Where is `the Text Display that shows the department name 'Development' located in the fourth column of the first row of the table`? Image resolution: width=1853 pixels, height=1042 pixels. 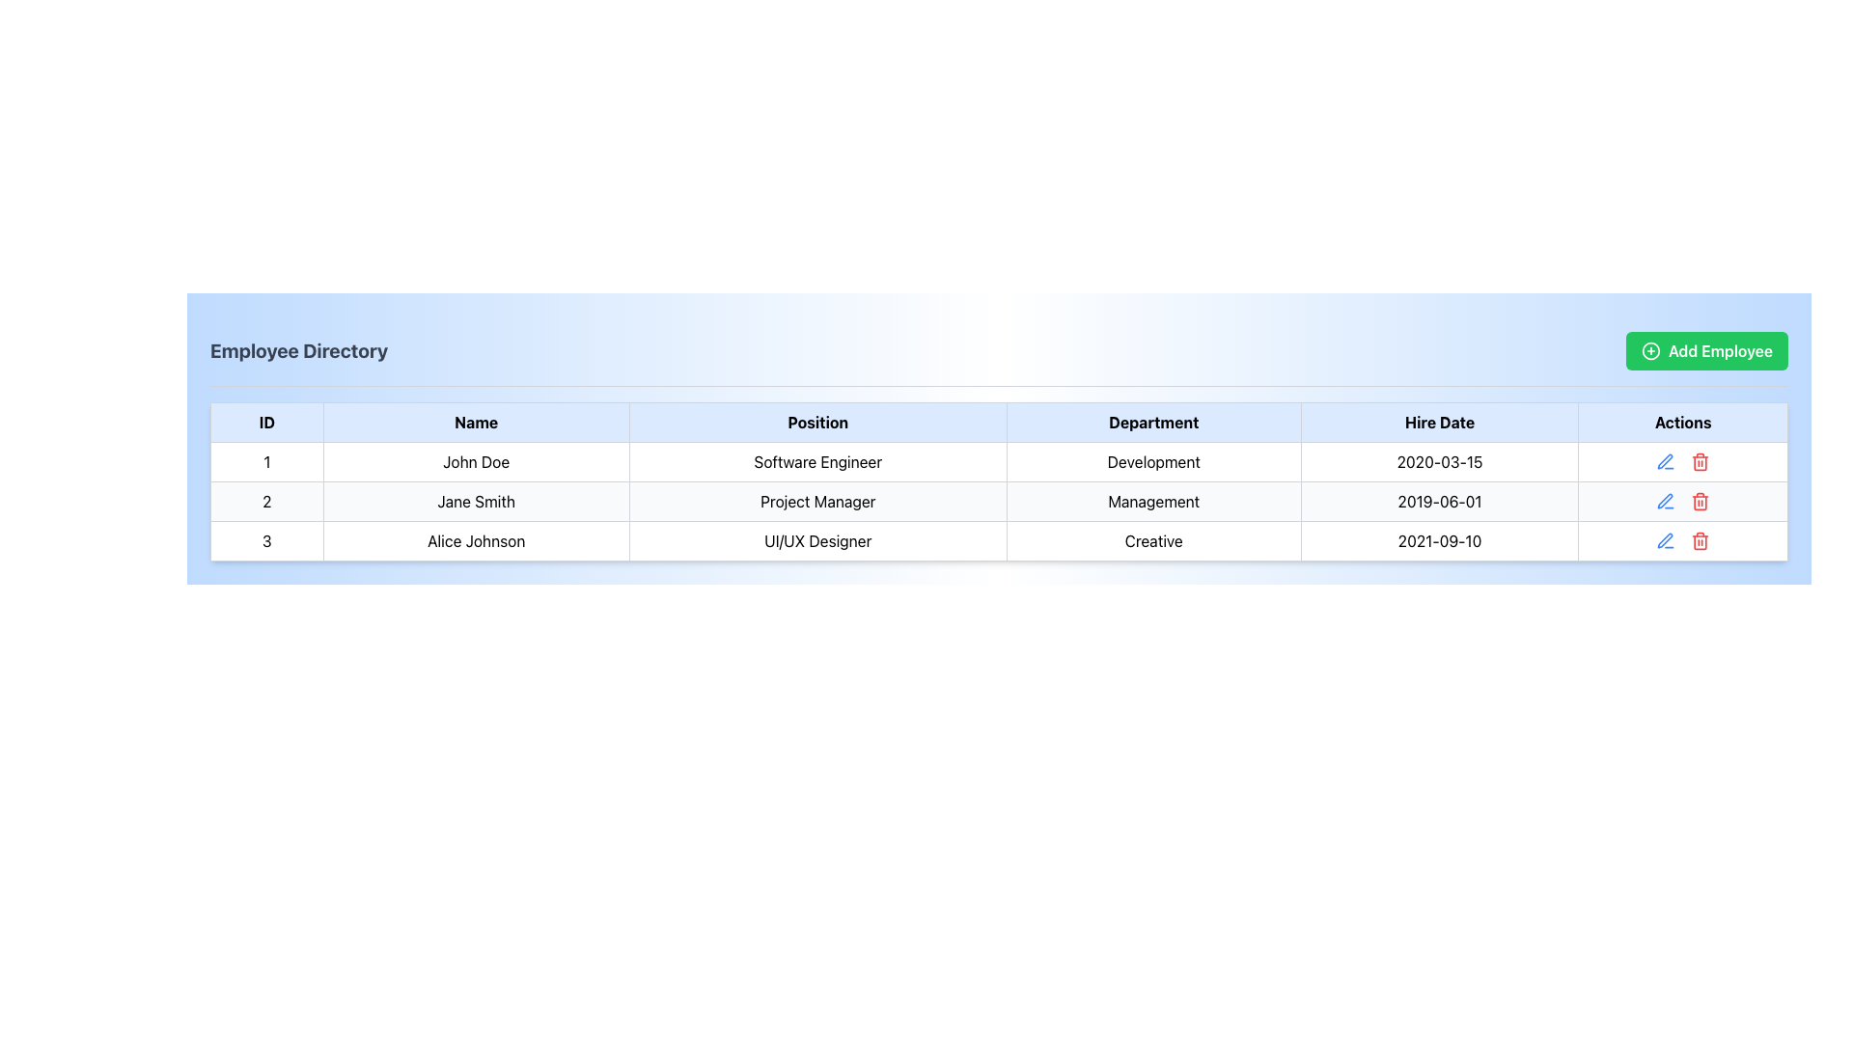
the Text Display that shows the department name 'Development' located in the fourth column of the first row of the table is located at coordinates (1153, 461).